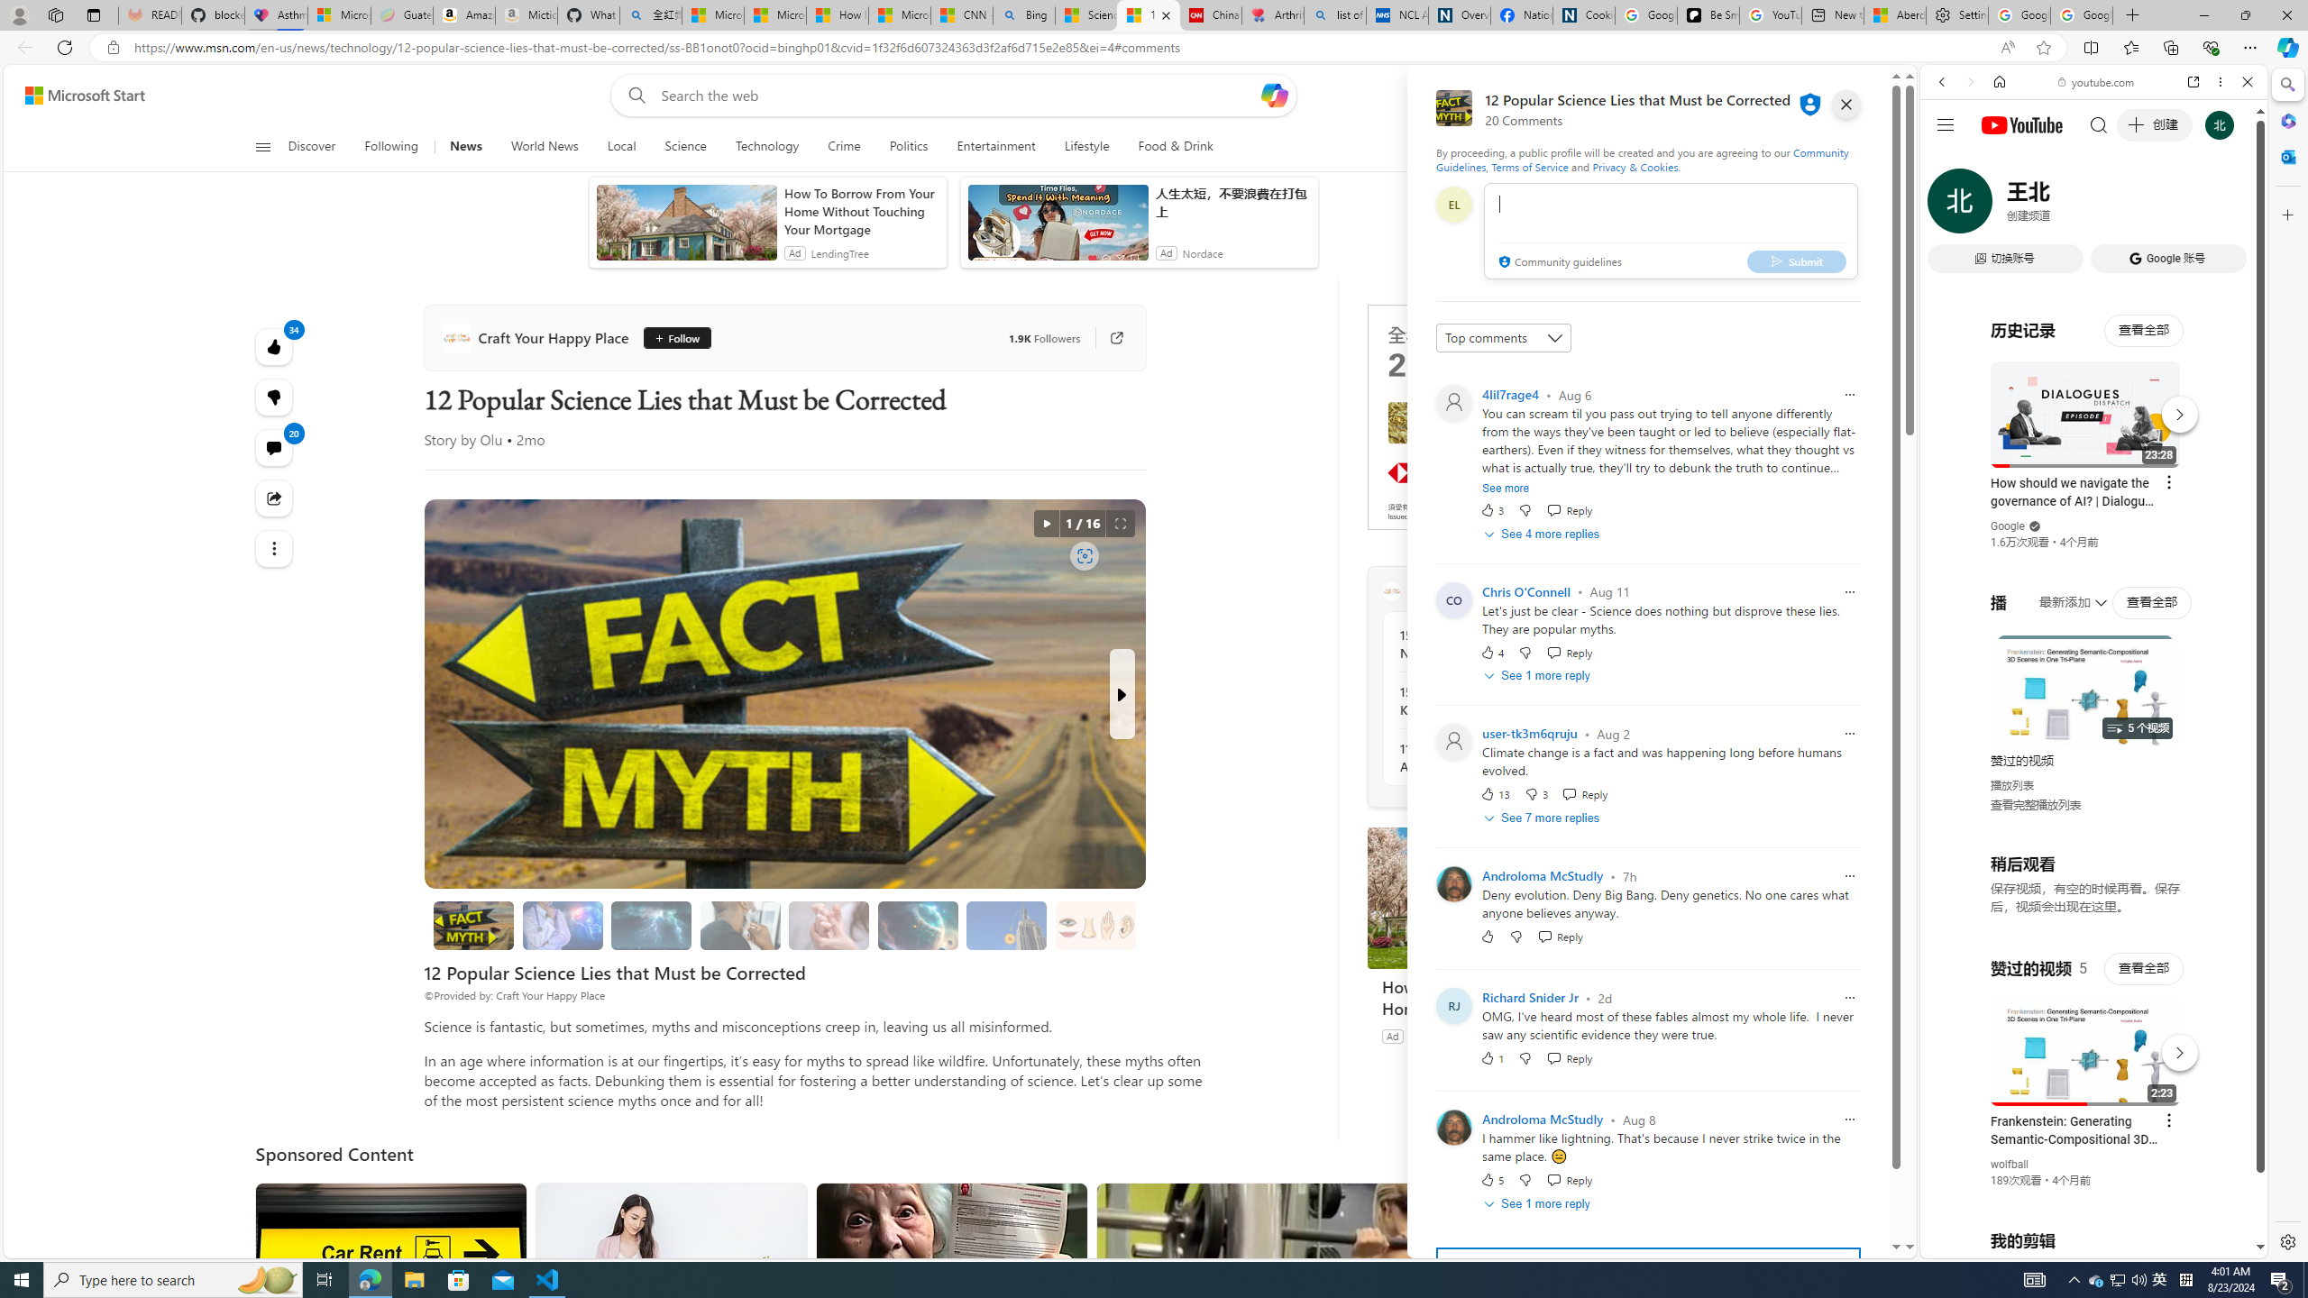 This screenshot has height=1298, width=2308. What do you see at coordinates (2230, 724) in the screenshot?
I see `'Click to scroll right'` at bounding box center [2230, 724].